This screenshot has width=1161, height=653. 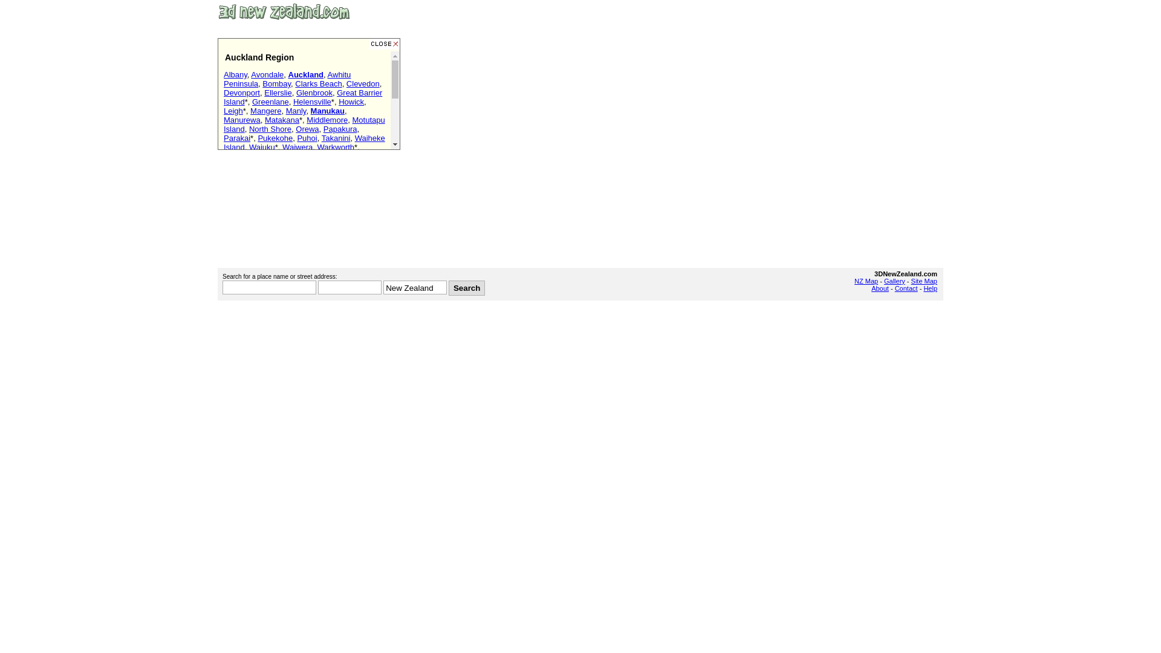 What do you see at coordinates (249, 146) in the screenshot?
I see `'Waiuku'` at bounding box center [249, 146].